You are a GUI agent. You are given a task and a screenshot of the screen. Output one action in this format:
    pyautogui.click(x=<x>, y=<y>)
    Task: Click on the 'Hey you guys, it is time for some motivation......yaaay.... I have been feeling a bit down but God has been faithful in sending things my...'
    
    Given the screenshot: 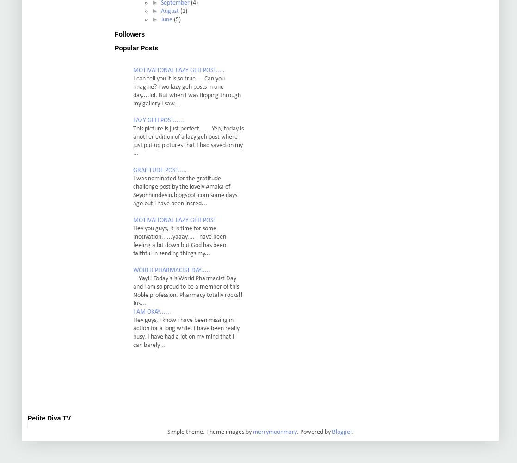 What is the action you would take?
    pyautogui.click(x=179, y=241)
    